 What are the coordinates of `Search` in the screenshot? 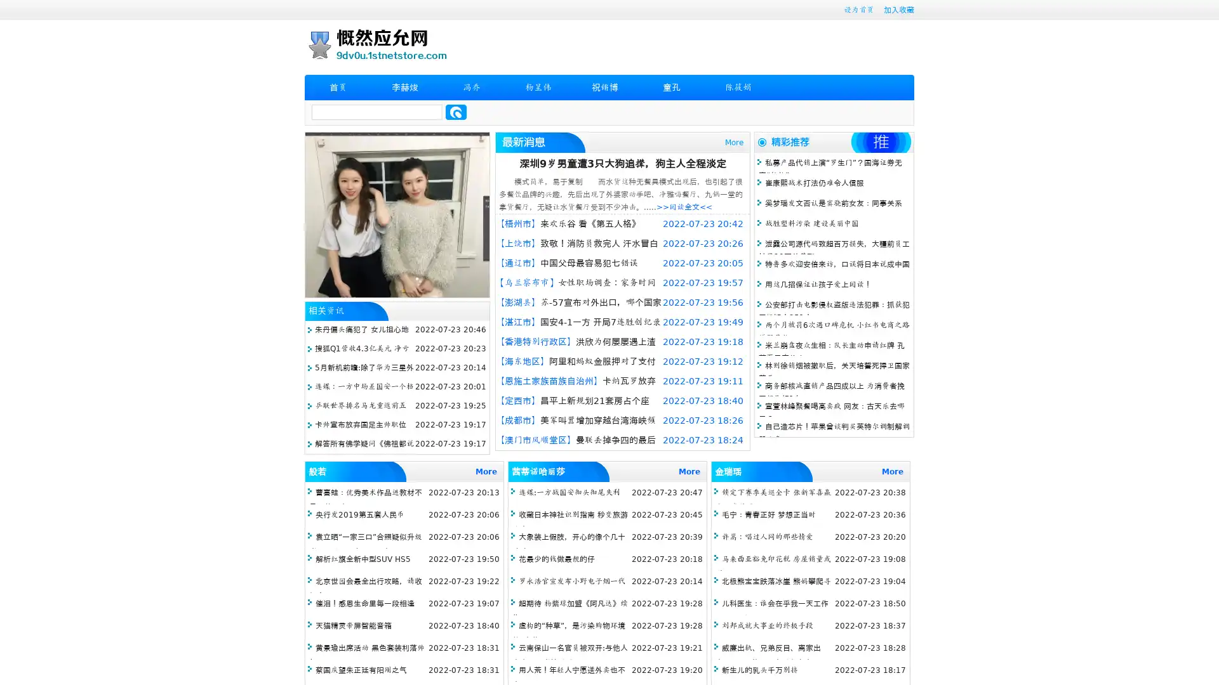 It's located at (456, 112).